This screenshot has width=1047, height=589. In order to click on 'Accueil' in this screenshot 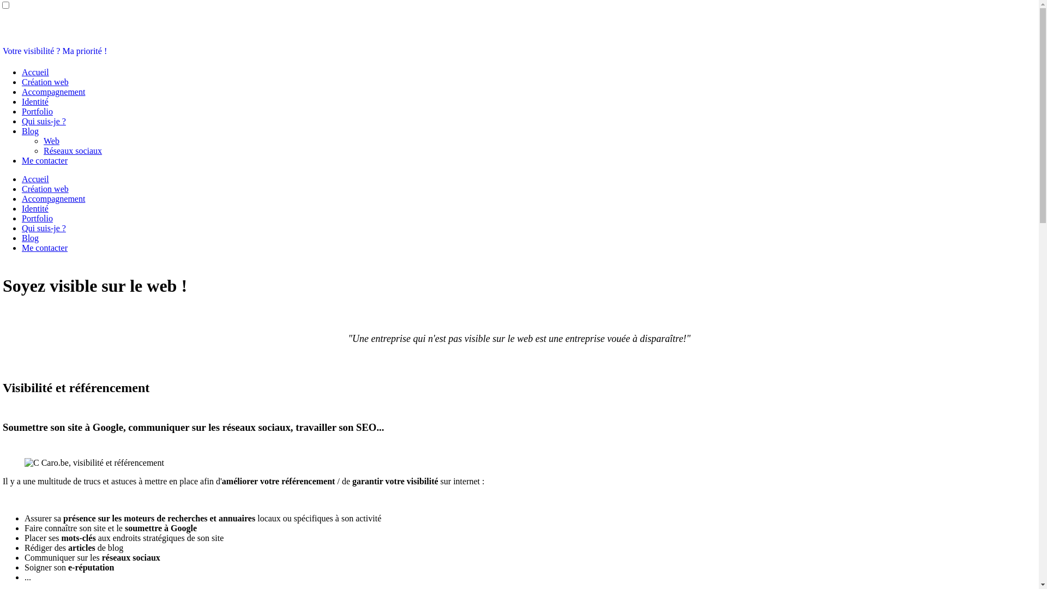, I will do `click(35, 178)`.